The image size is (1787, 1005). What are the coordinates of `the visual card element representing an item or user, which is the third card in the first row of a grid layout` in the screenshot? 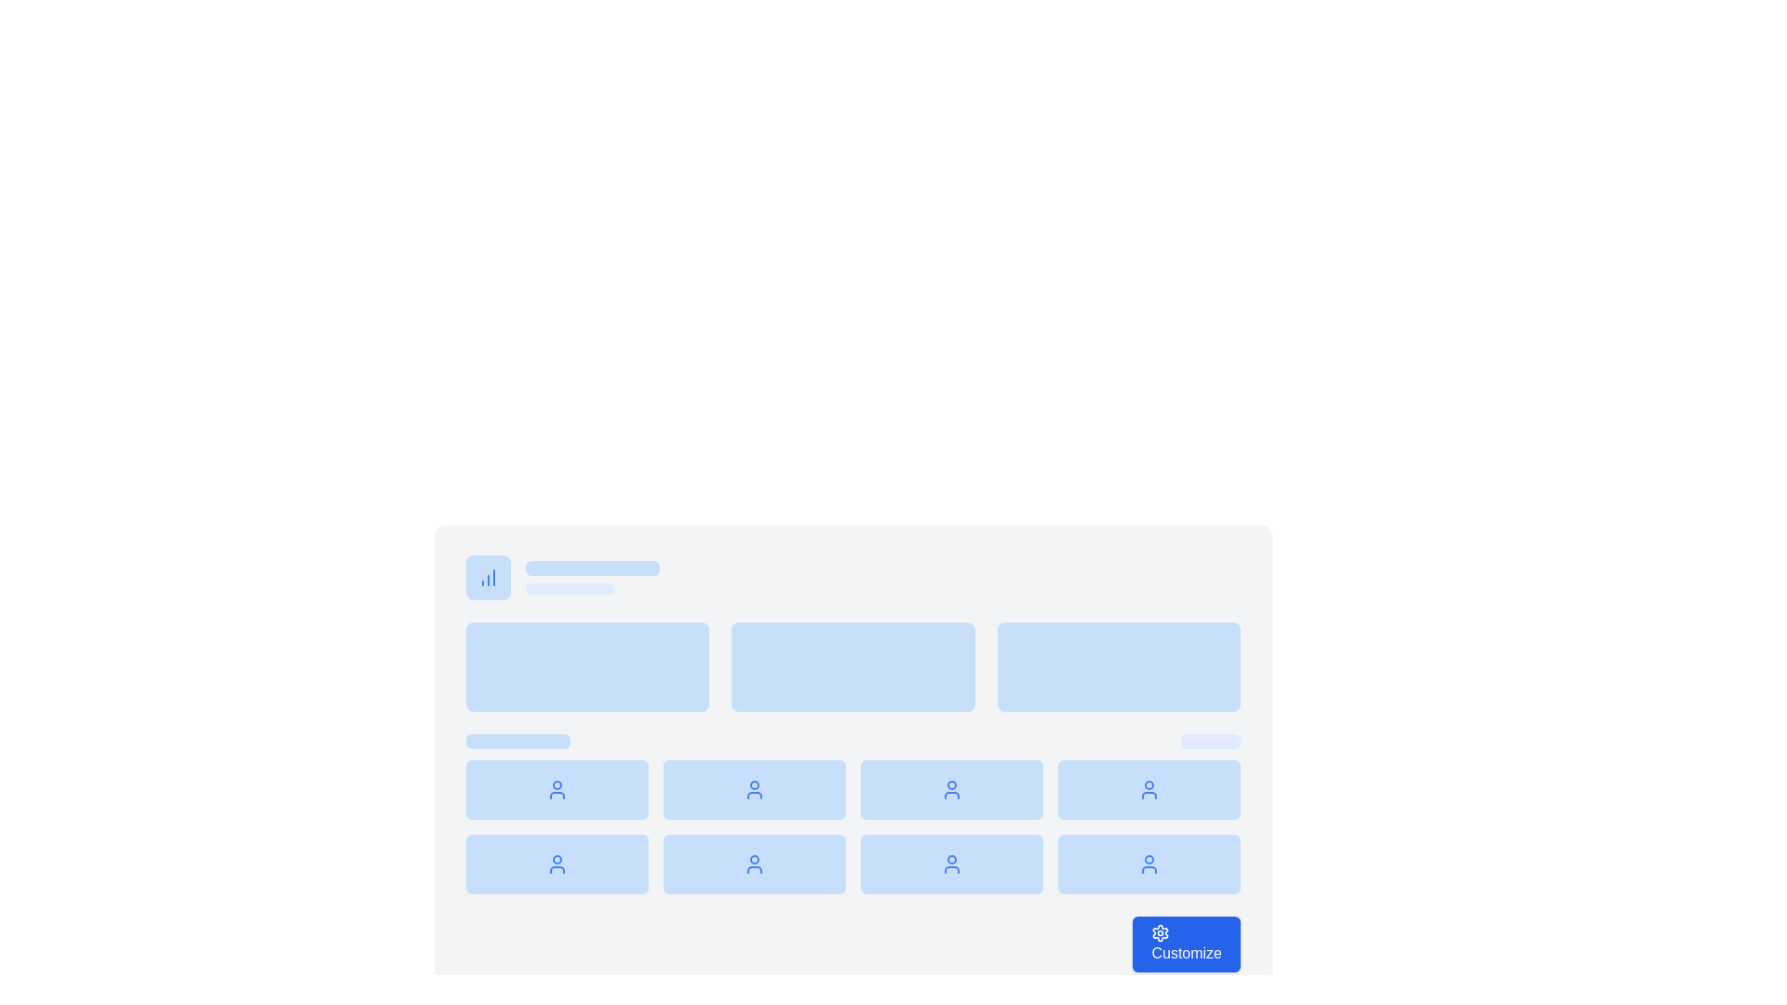 It's located at (951, 789).